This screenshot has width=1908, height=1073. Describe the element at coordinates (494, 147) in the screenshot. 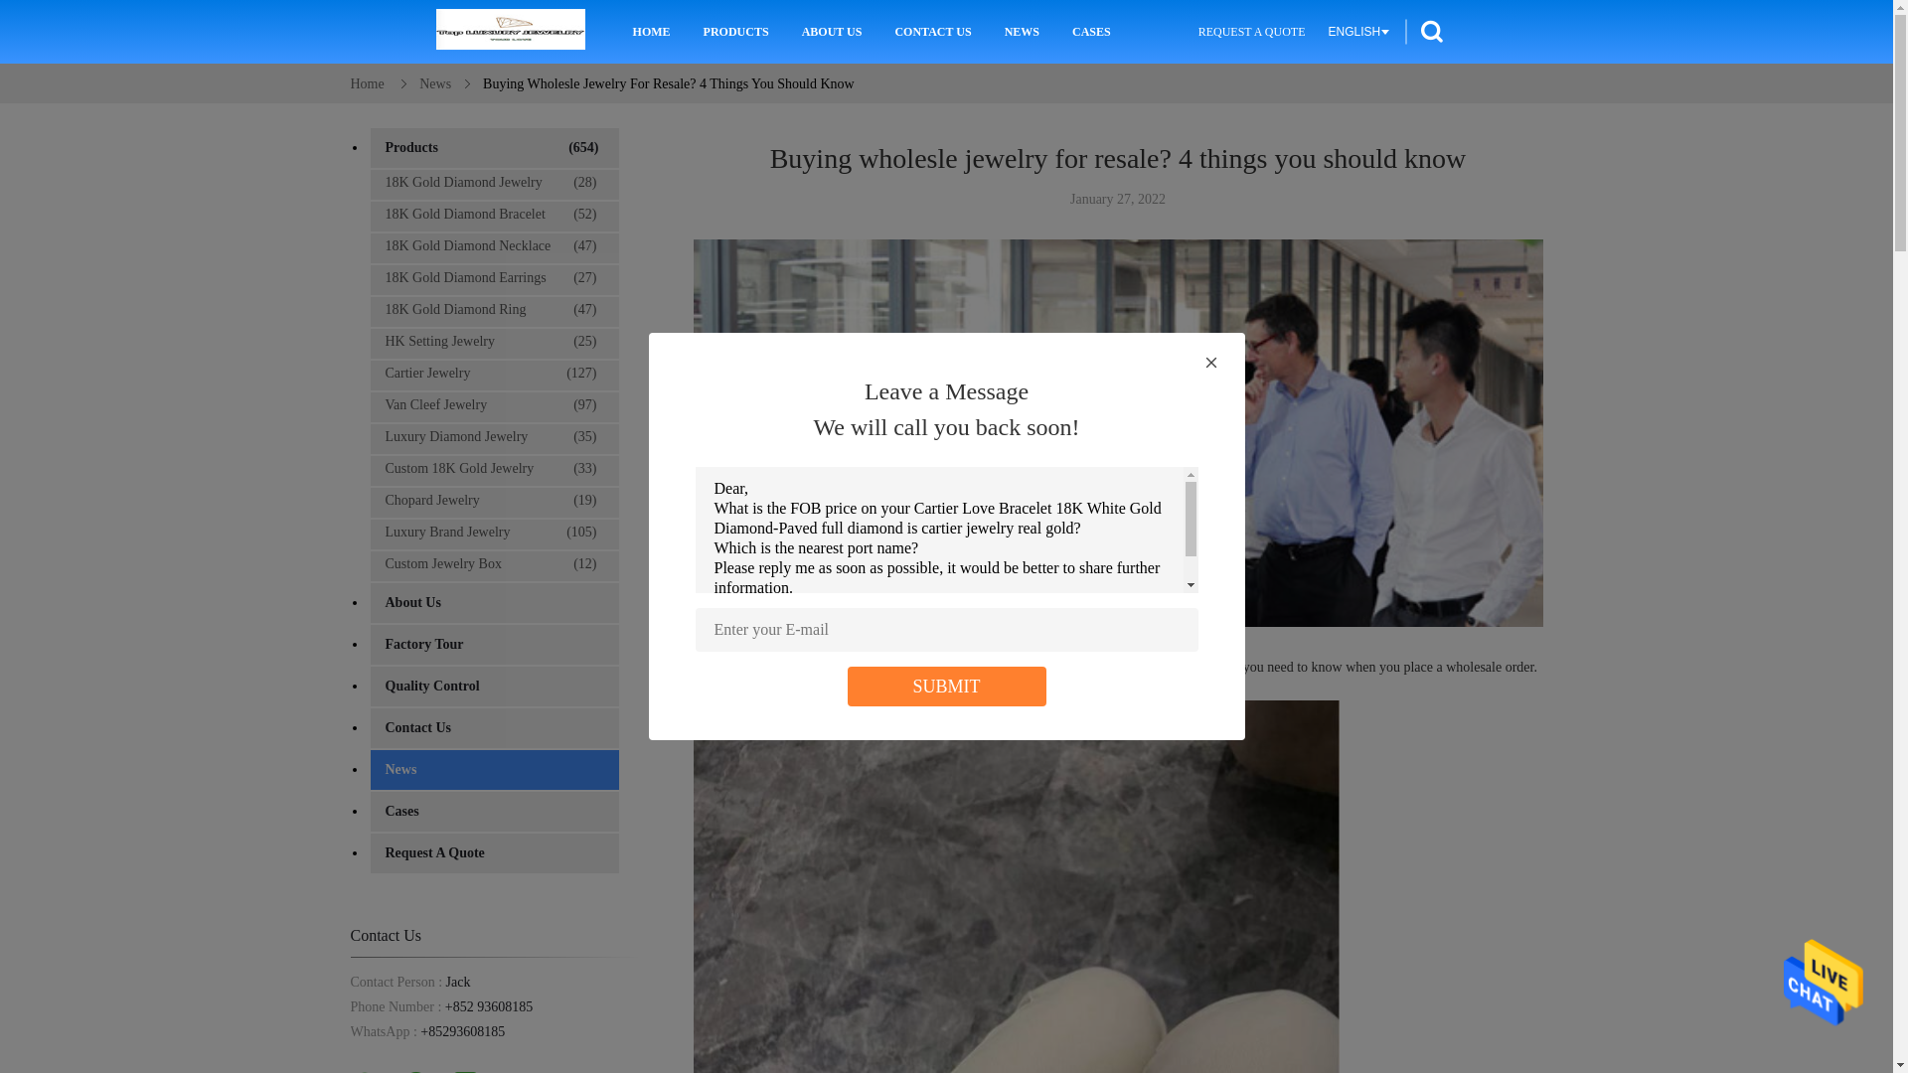

I see `'Products` at that location.